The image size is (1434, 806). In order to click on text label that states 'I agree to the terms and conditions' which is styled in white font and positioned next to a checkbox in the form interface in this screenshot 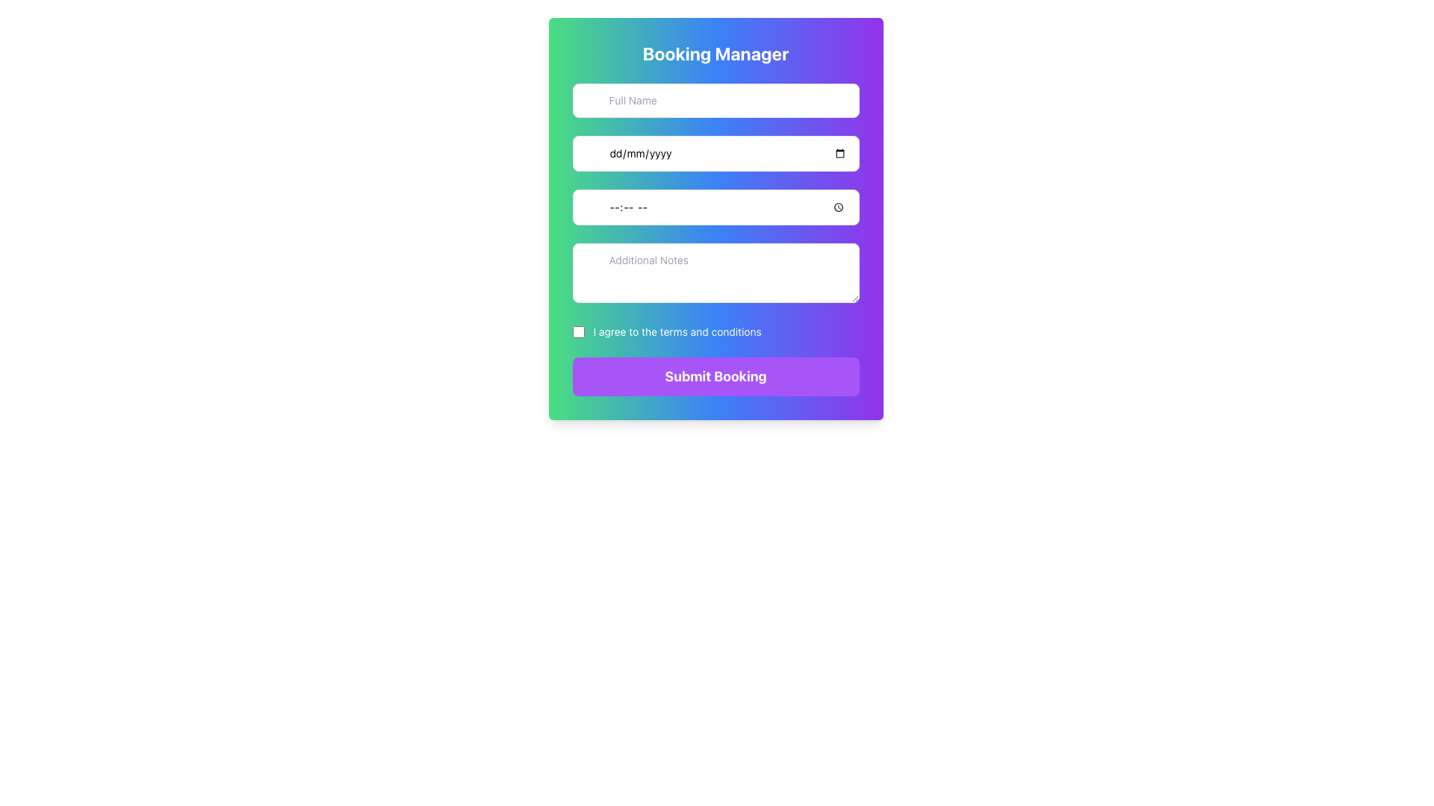, I will do `click(677, 331)`.